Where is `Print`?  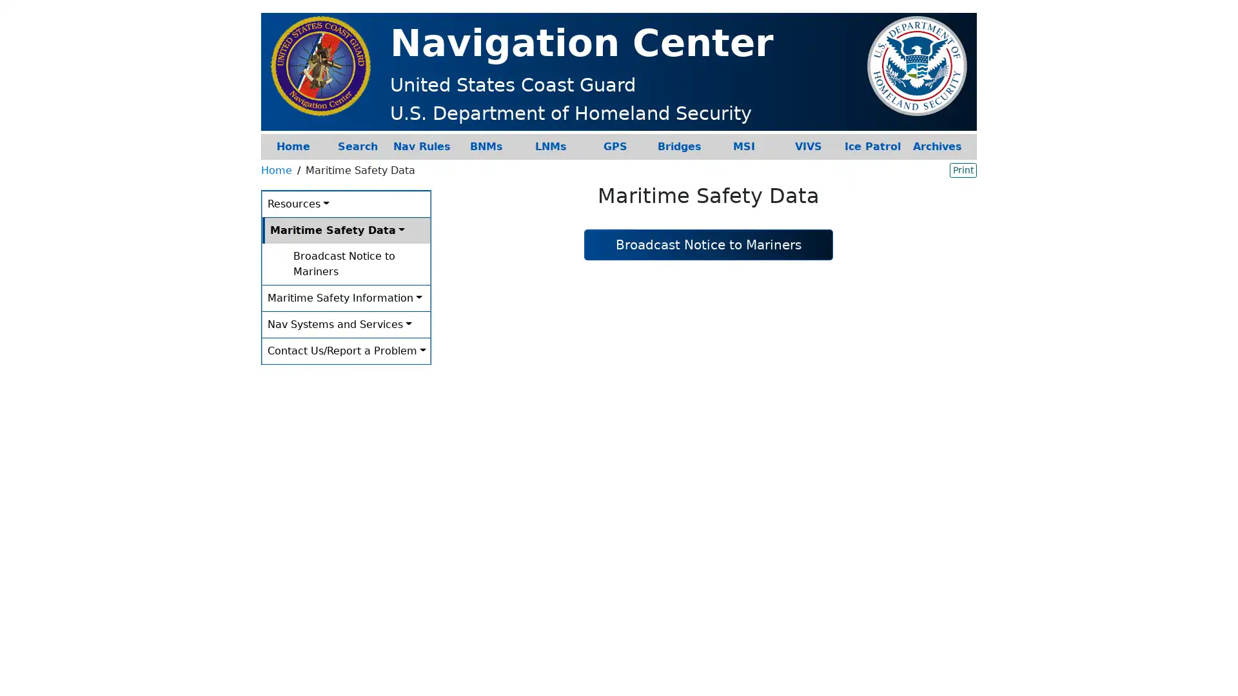
Print is located at coordinates (963, 169).